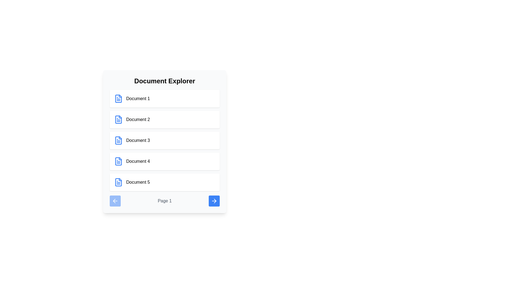 This screenshot has width=528, height=297. Describe the element at coordinates (115, 201) in the screenshot. I see `the left-facing arrow button with a blue background` at that location.